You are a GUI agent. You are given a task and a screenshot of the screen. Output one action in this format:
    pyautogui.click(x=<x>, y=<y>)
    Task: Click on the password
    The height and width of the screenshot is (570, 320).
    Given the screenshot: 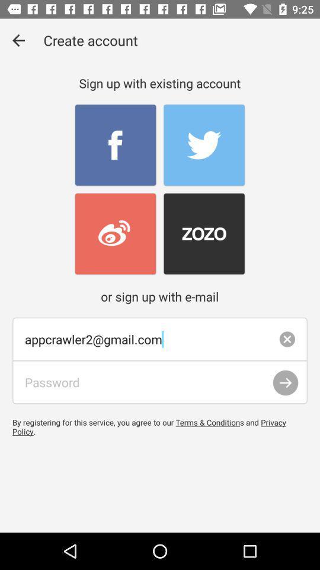 What is the action you would take?
    pyautogui.click(x=160, y=381)
    